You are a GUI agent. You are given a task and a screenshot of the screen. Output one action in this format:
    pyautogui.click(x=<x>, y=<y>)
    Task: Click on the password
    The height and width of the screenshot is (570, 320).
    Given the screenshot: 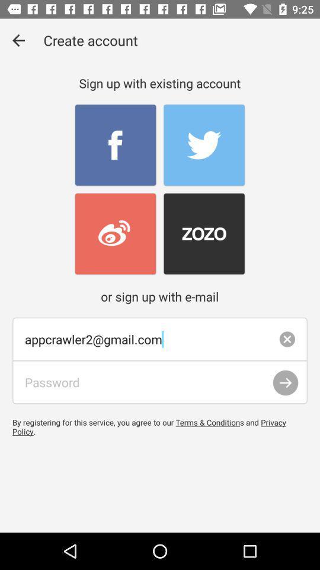 What is the action you would take?
    pyautogui.click(x=160, y=381)
    